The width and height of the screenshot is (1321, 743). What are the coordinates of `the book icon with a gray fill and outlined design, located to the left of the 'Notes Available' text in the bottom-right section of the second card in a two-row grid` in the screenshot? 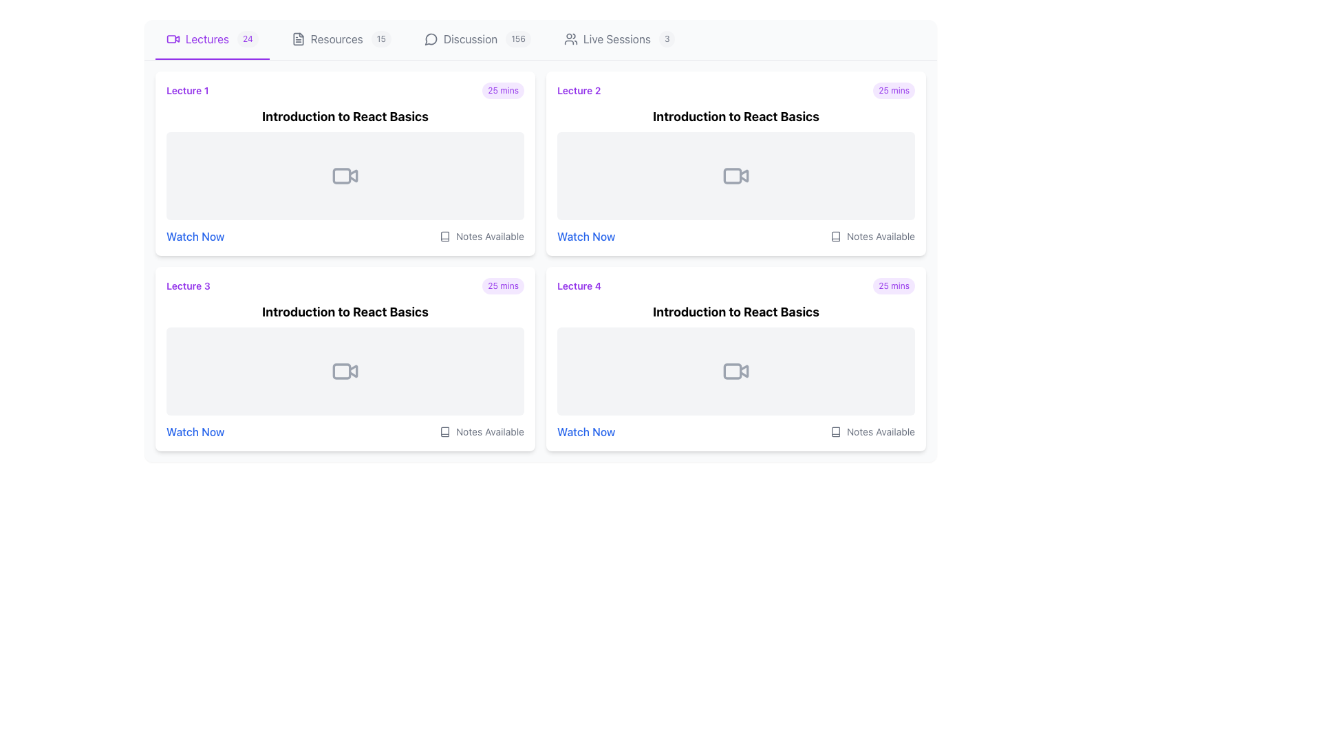 It's located at (835, 235).